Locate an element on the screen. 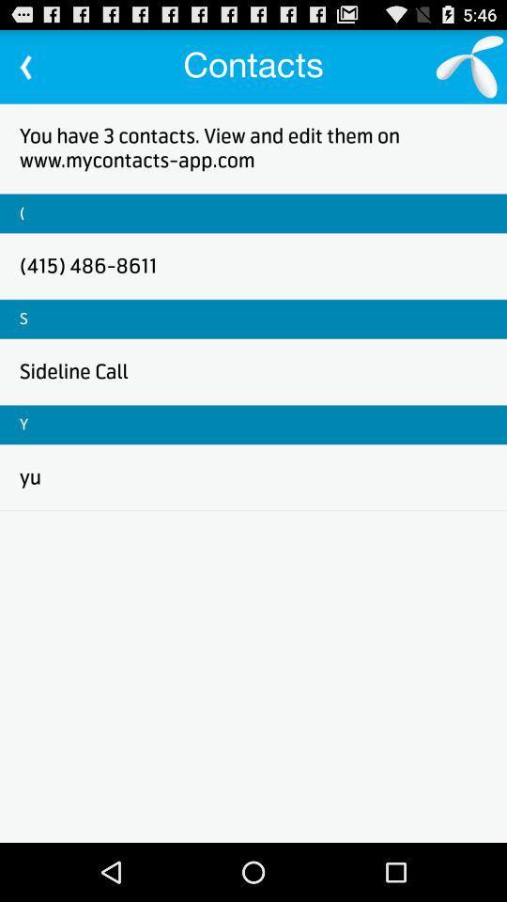  y item is located at coordinates (23, 425).